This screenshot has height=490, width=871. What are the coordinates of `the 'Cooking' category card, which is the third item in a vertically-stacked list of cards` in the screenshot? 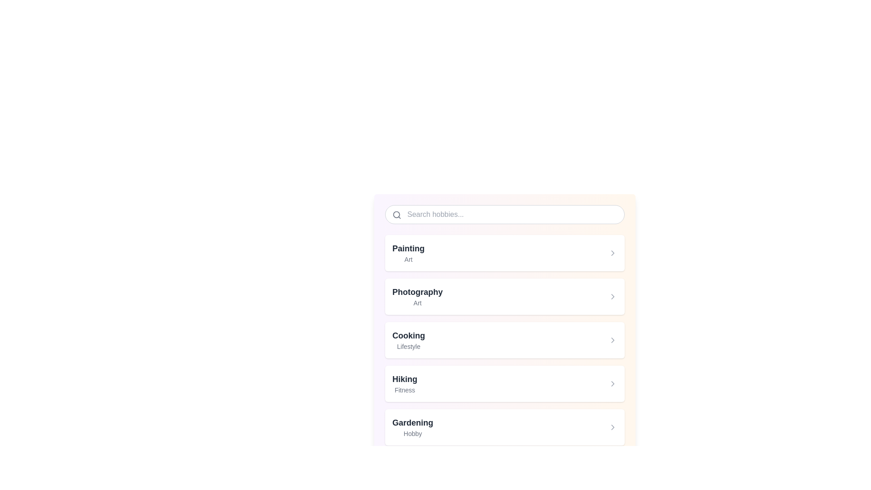 It's located at (504, 340).